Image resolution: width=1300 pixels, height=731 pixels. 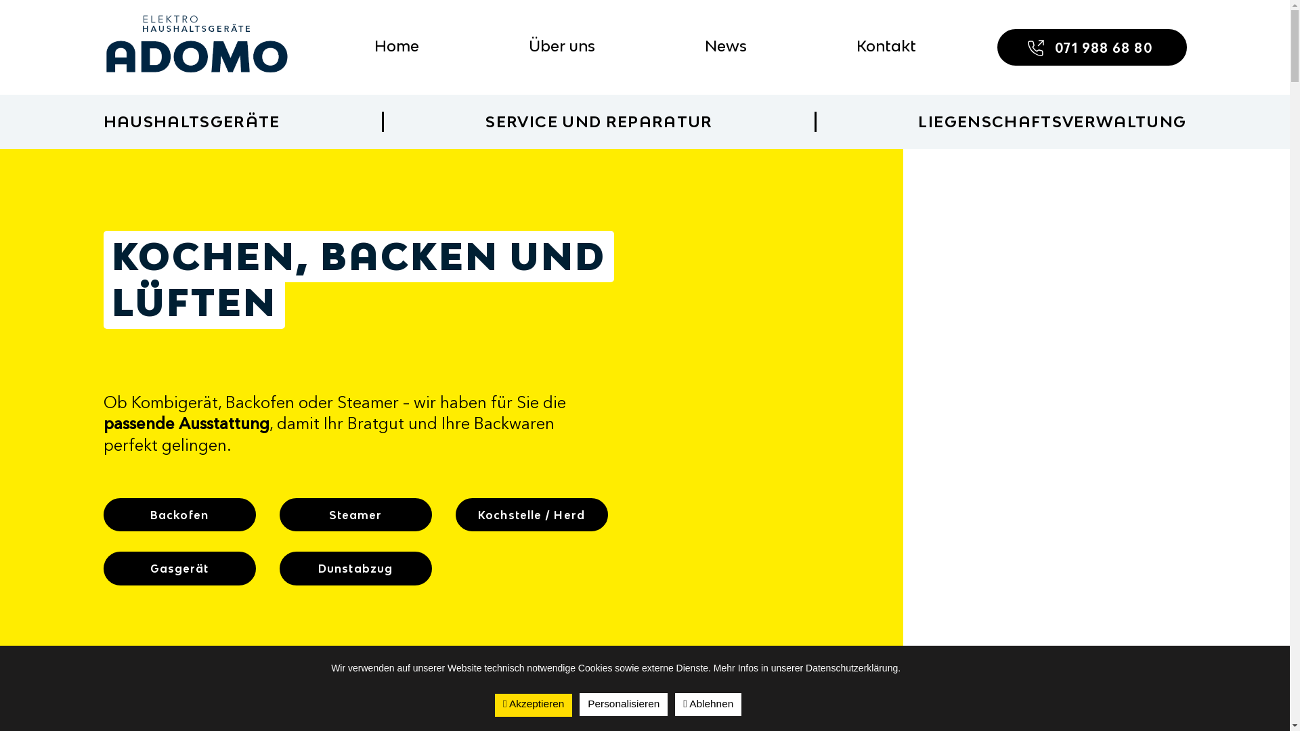 I want to click on 'Dunstabzug', so click(x=355, y=569).